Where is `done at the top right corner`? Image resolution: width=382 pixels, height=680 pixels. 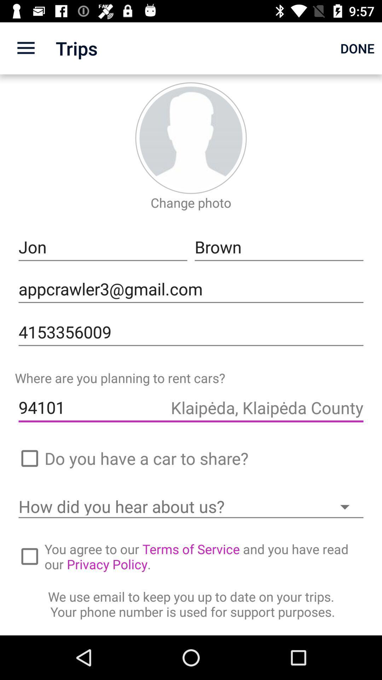
done at the top right corner is located at coordinates (357, 48).